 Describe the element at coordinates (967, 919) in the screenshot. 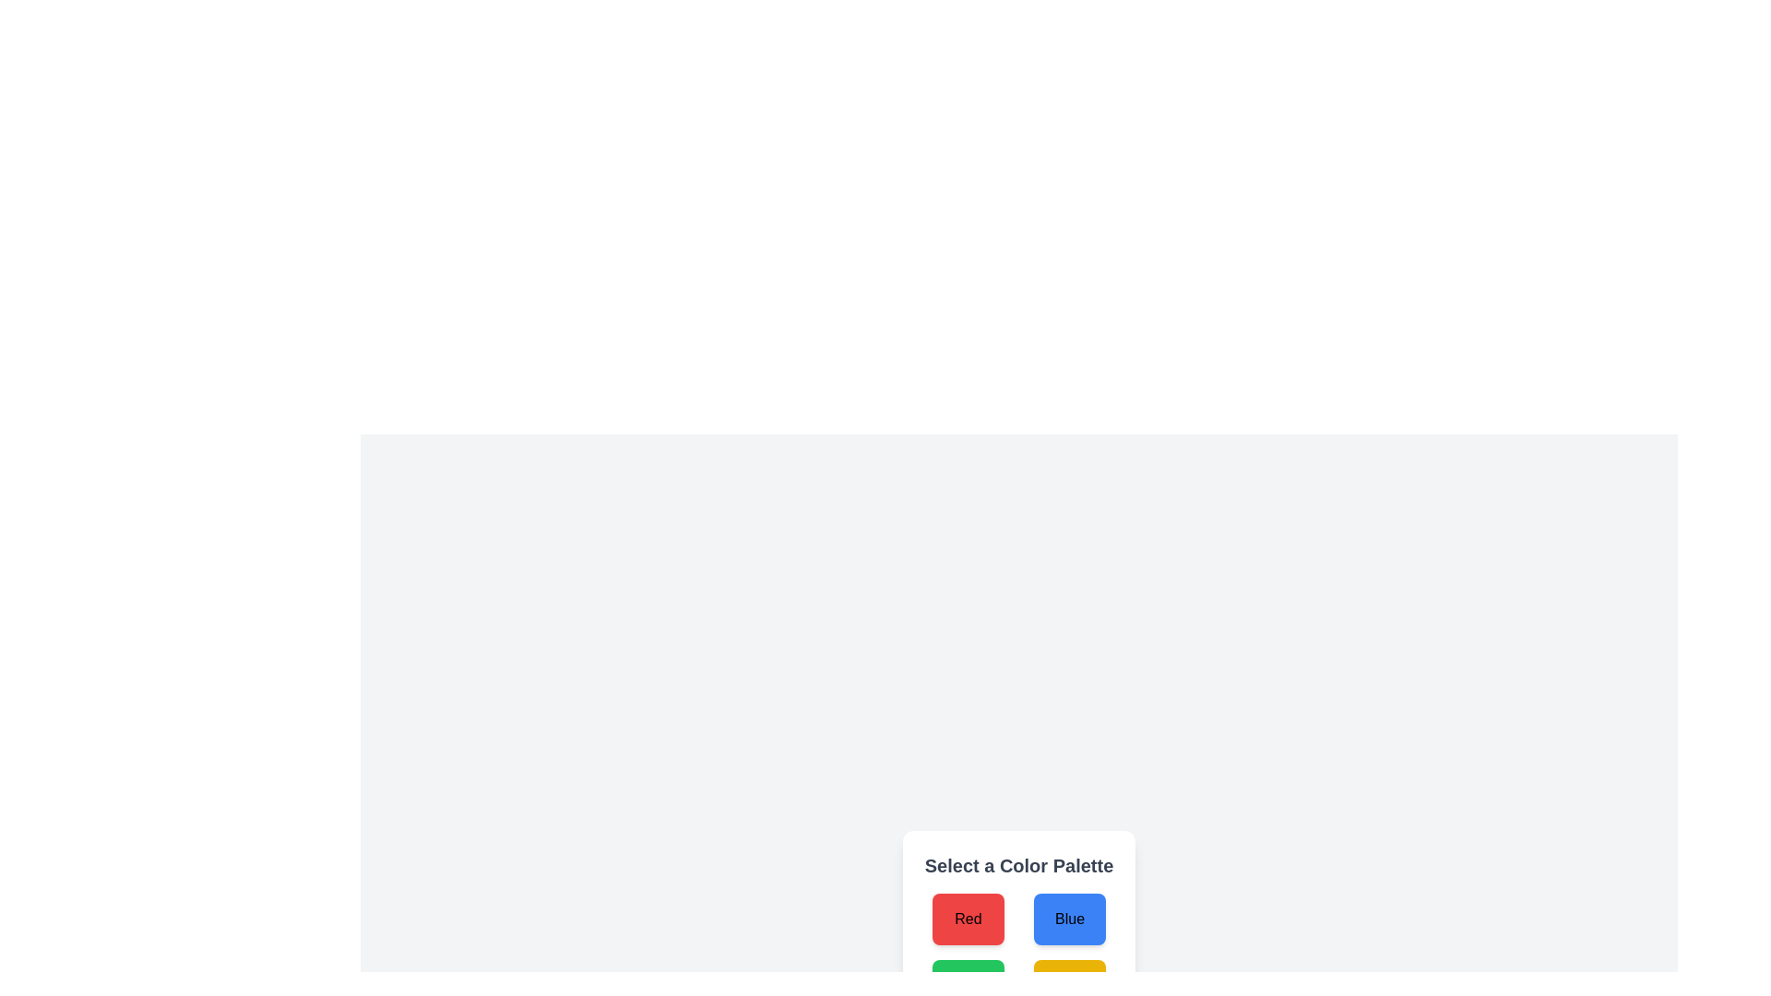

I see `the color Red from the palette` at that location.